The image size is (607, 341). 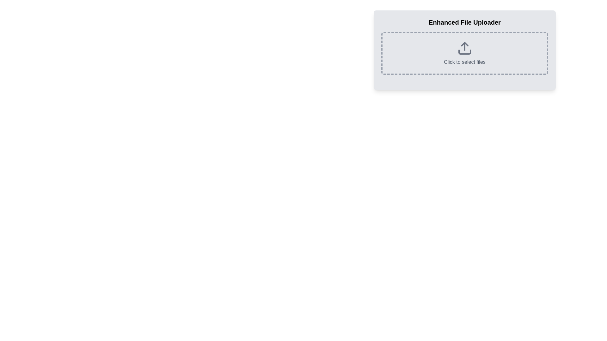 What do you see at coordinates (464, 53) in the screenshot?
I see `and drop files into the File upload drop zone, which is a rectangular area with a dashed border and the text 'Click` at bounding box center [464, 53].